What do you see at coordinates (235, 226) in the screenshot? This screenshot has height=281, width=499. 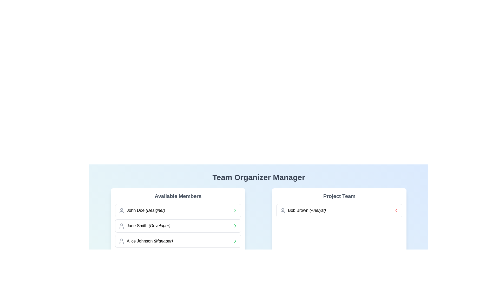 I see `the green right-pointing chevron icon at the rightmost side of the row for 'Jane Smith (Developer)'` at bounding box center [235, 226].